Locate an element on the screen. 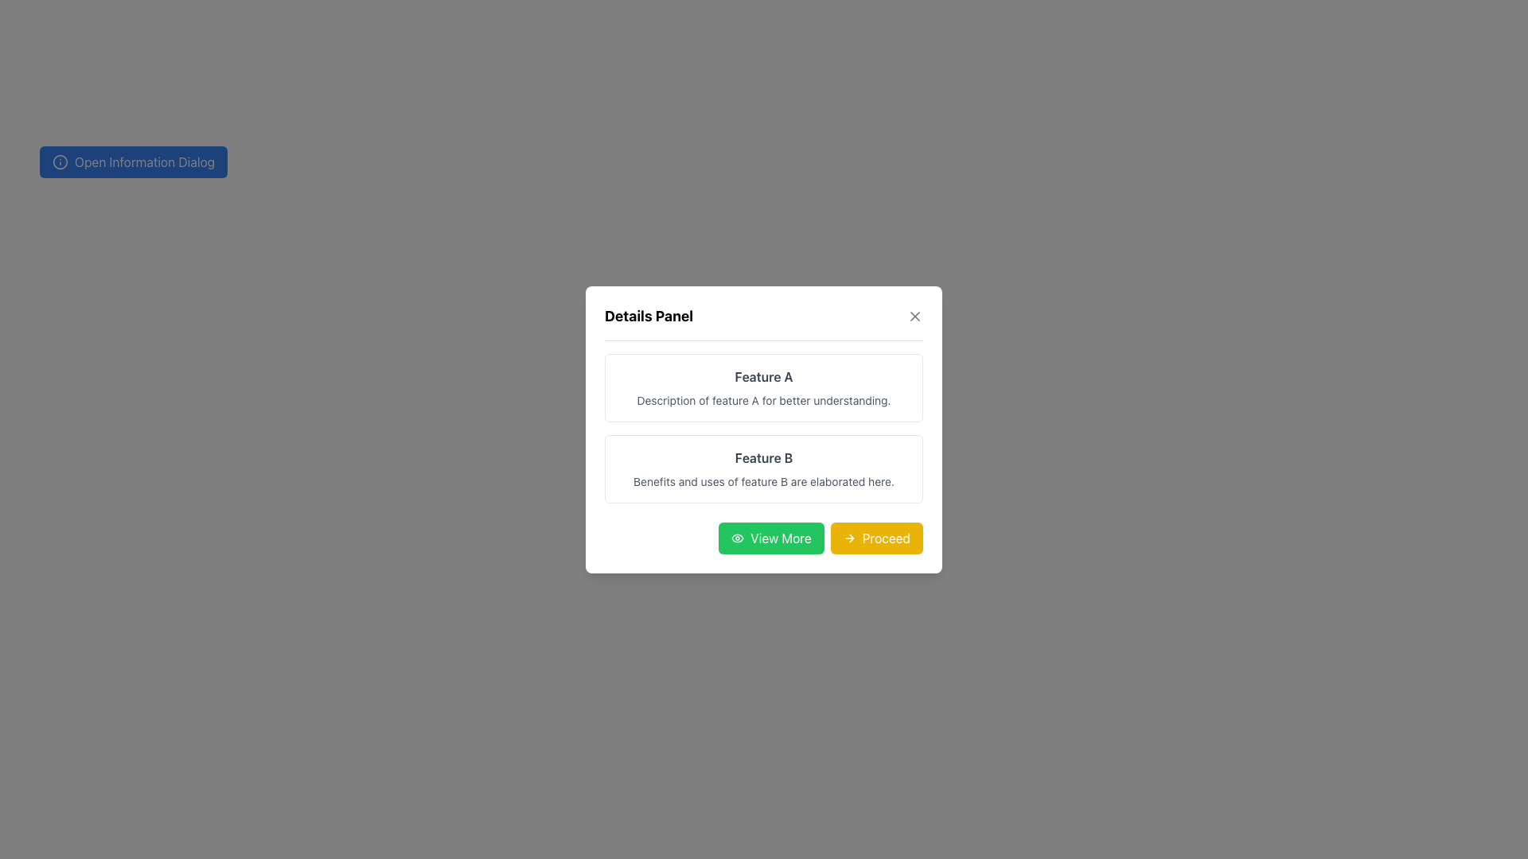  the yellow 'Proceed' button with rounded corners and an arrow icon is located at coordinates (875, 537).